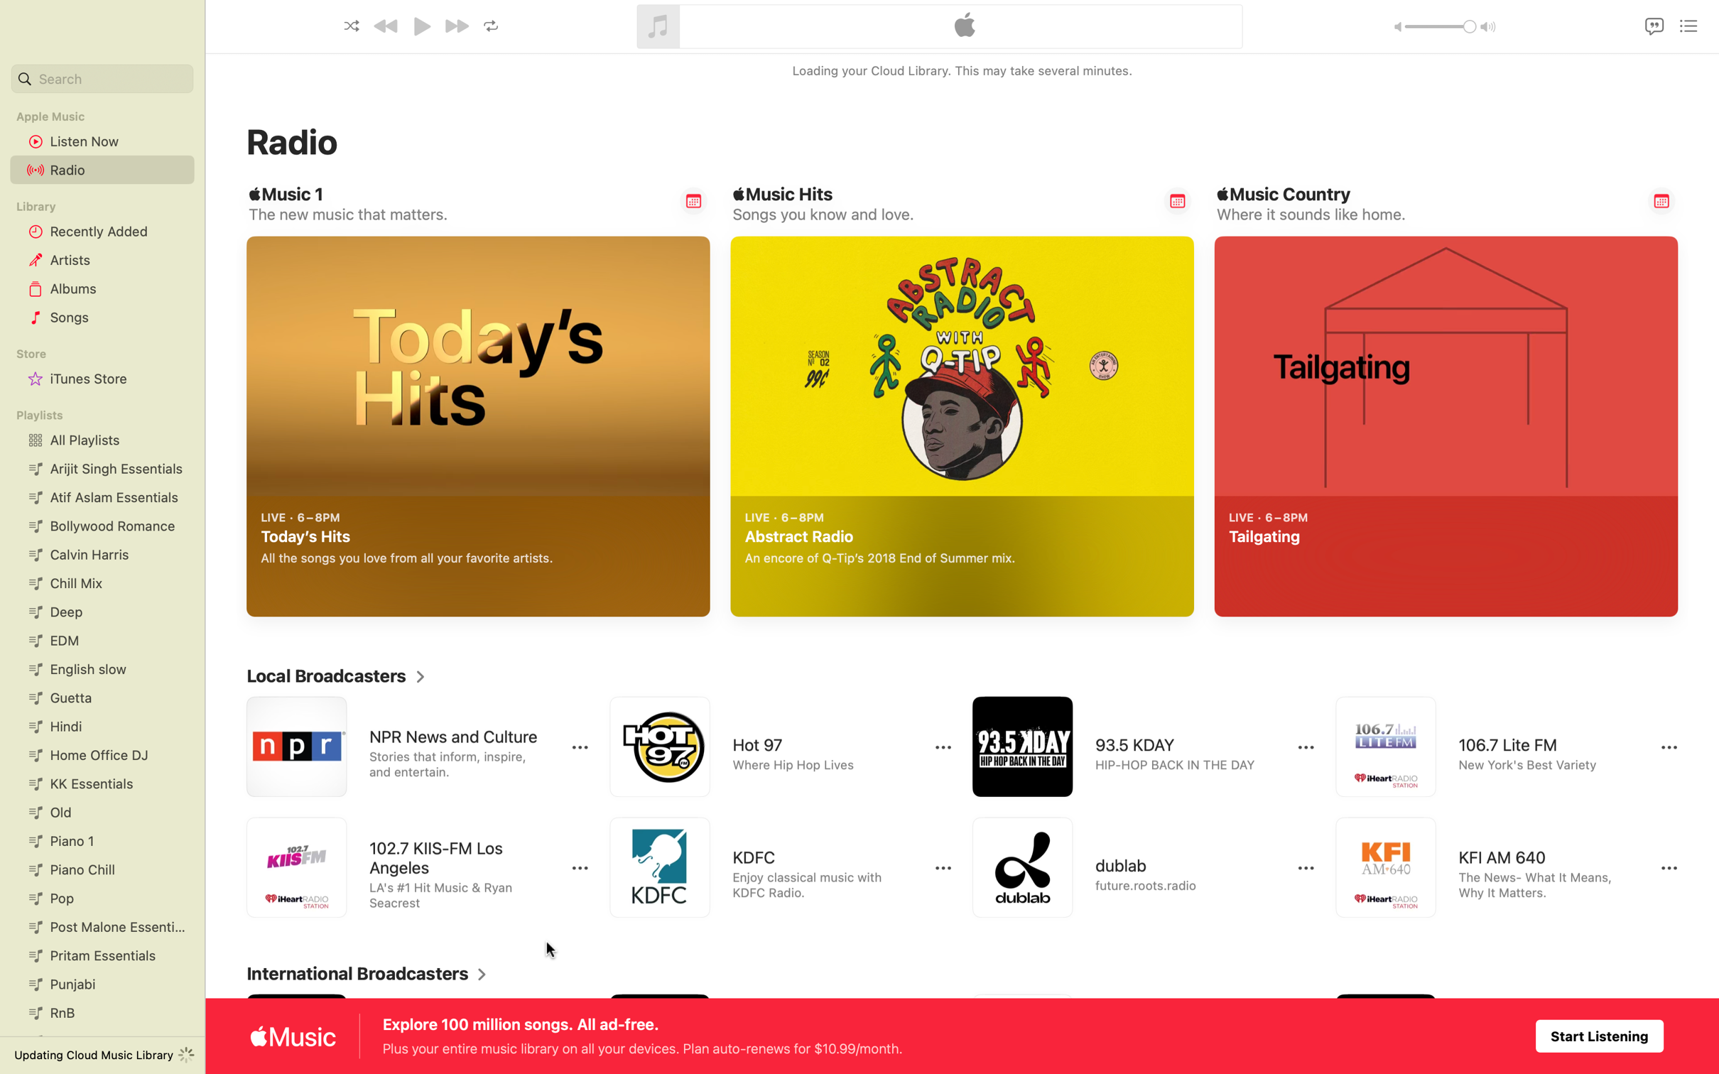 This screenshot has height=1074, width=1719. Describe the element at coordinates (335, 676) in the screenshot. I see `Extend the section of local broadcasters` at that location.